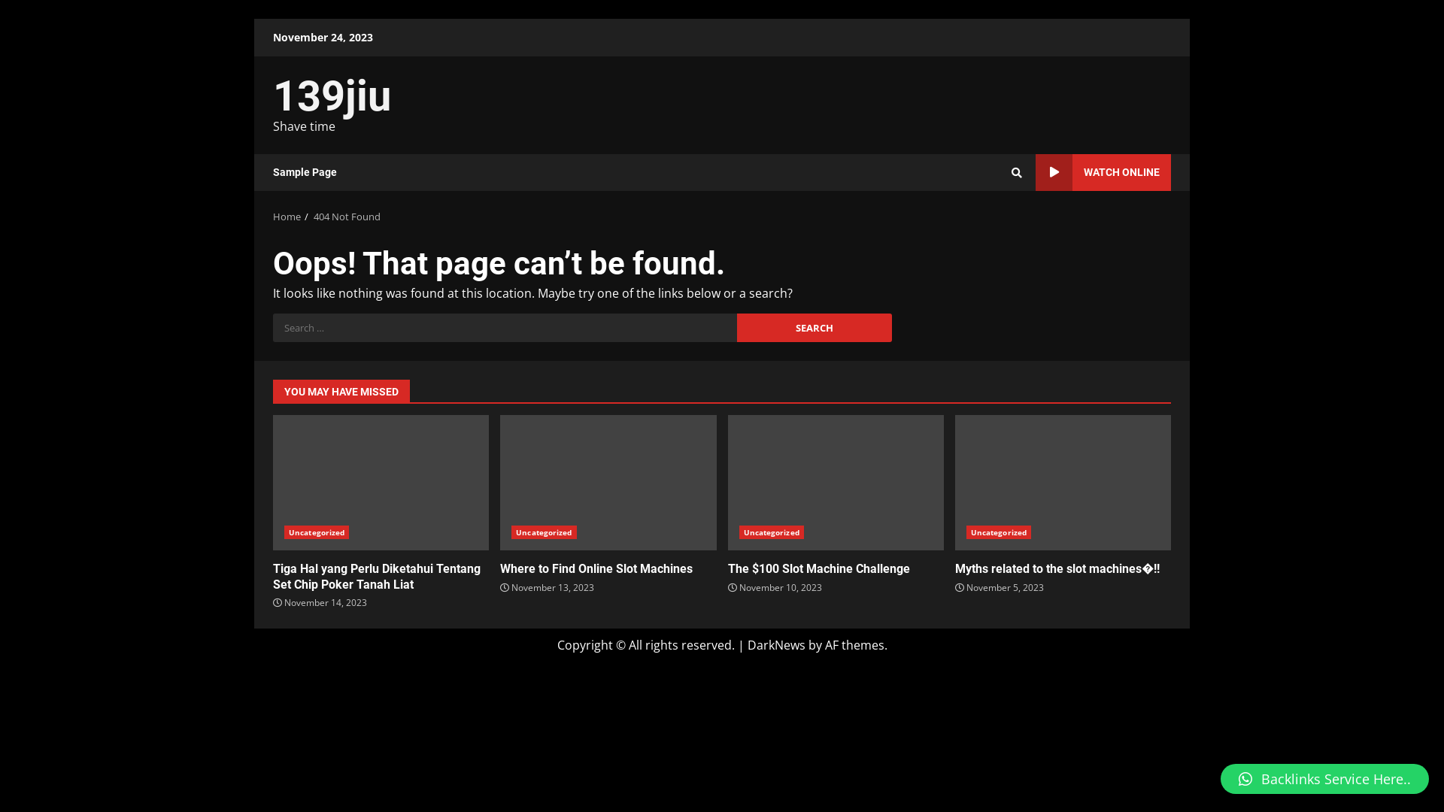 The height and width of the screenshot is (812, 1444). Describe the element at coordinates (1103, 171) in the screenshot. I see `'WATCH ONLINE'` at that location.